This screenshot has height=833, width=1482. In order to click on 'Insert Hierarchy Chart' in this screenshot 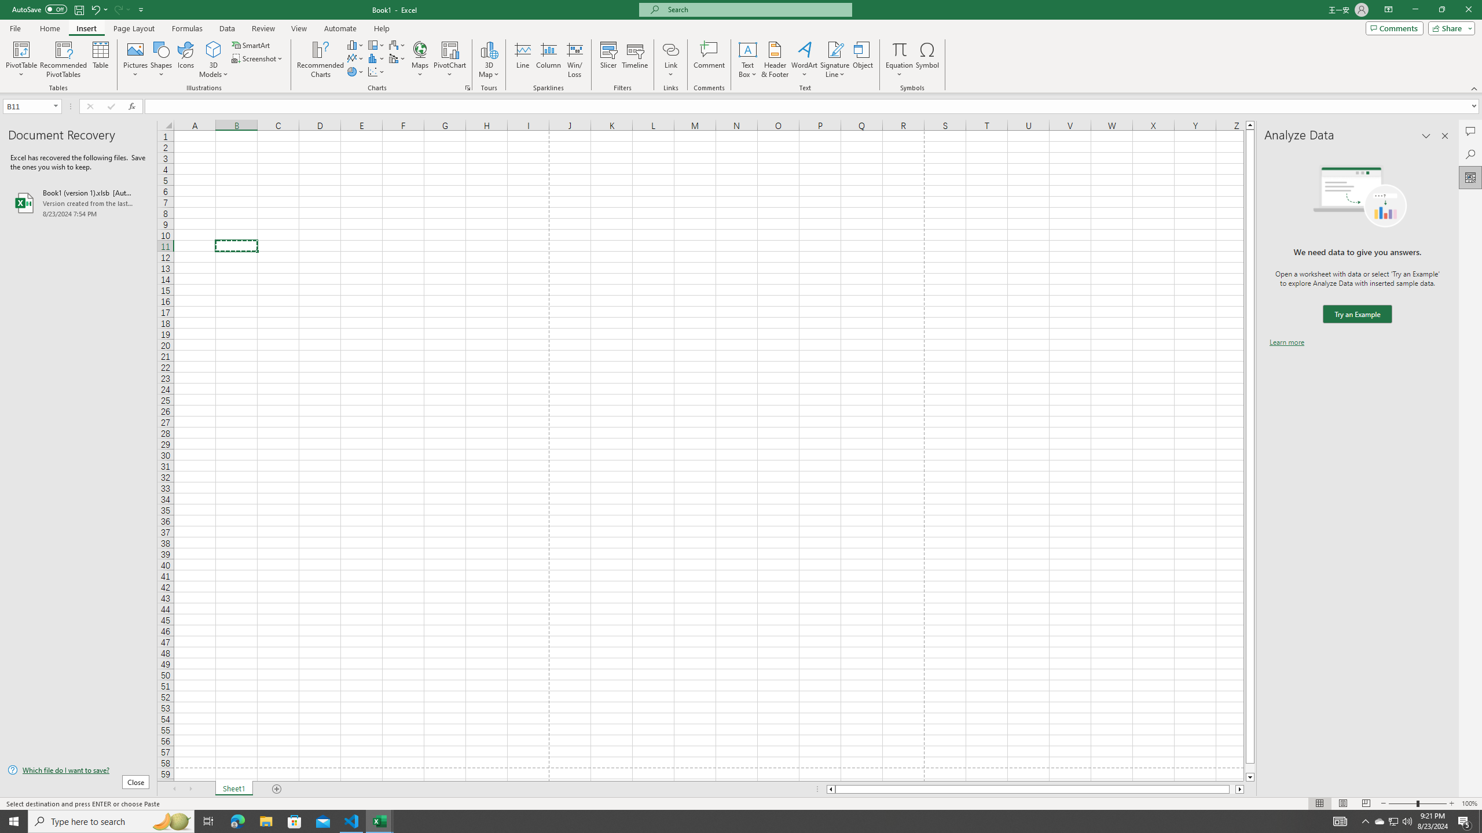, I will do `click(376, 45)`.